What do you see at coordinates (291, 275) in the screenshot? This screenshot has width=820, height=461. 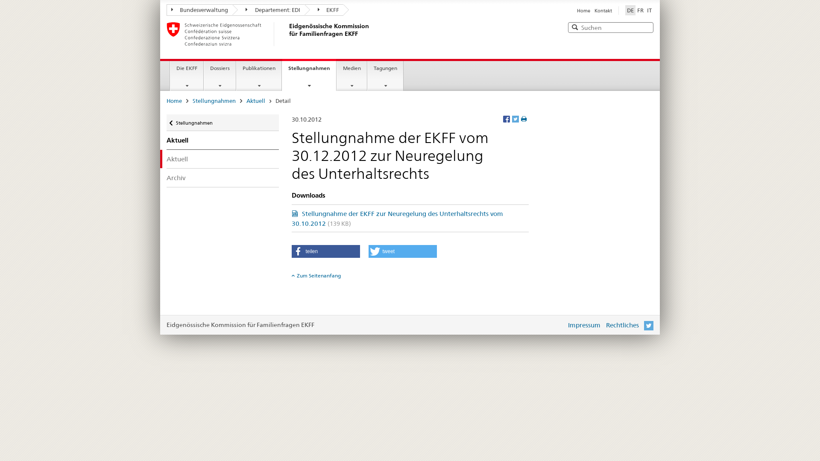 I see `'Zum Seitenanfang'` at bounding box center [291, 275].